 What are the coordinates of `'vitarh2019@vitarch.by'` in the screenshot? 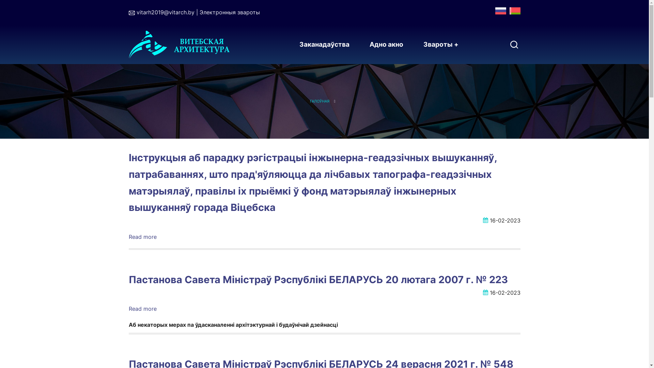 It's located at (165, 12).